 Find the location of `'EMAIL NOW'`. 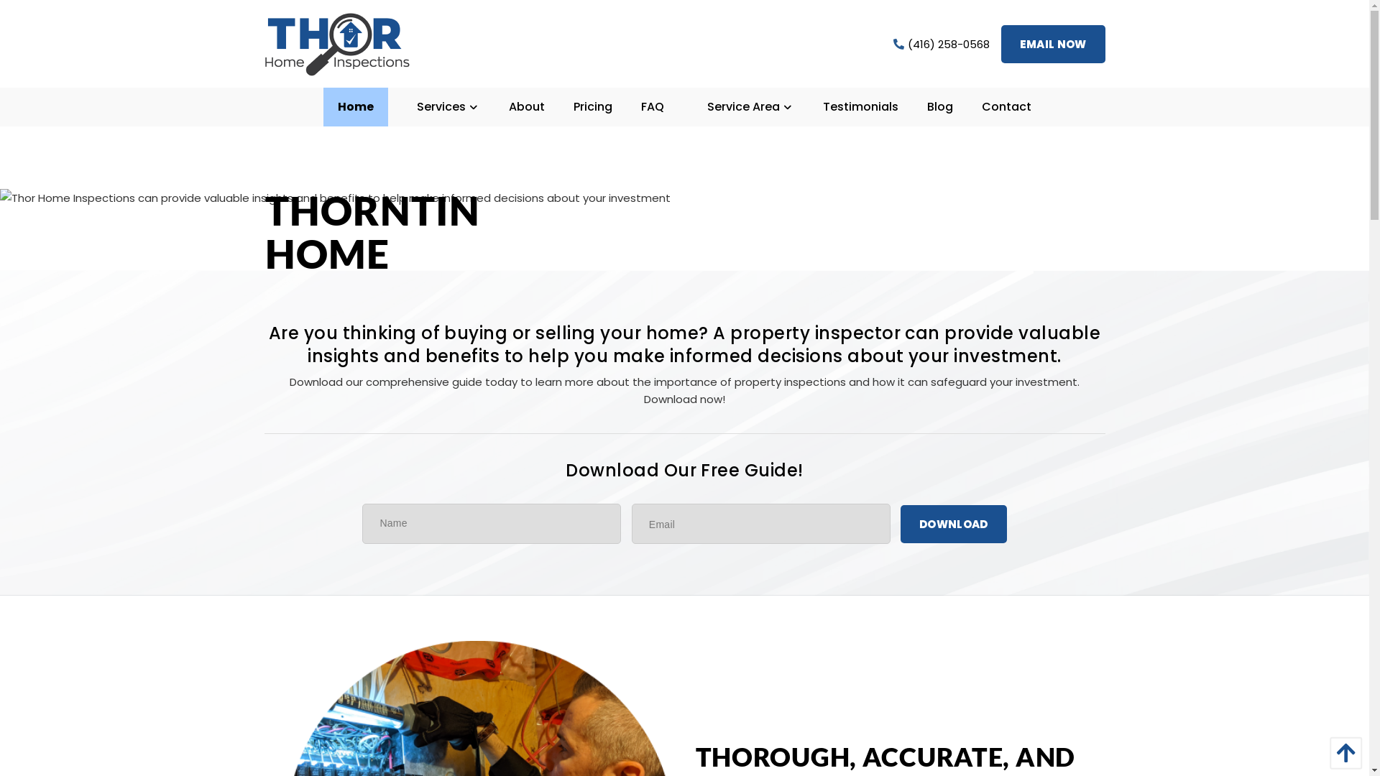

'EMAIL NOW' is located at coordinates (1000, 42).